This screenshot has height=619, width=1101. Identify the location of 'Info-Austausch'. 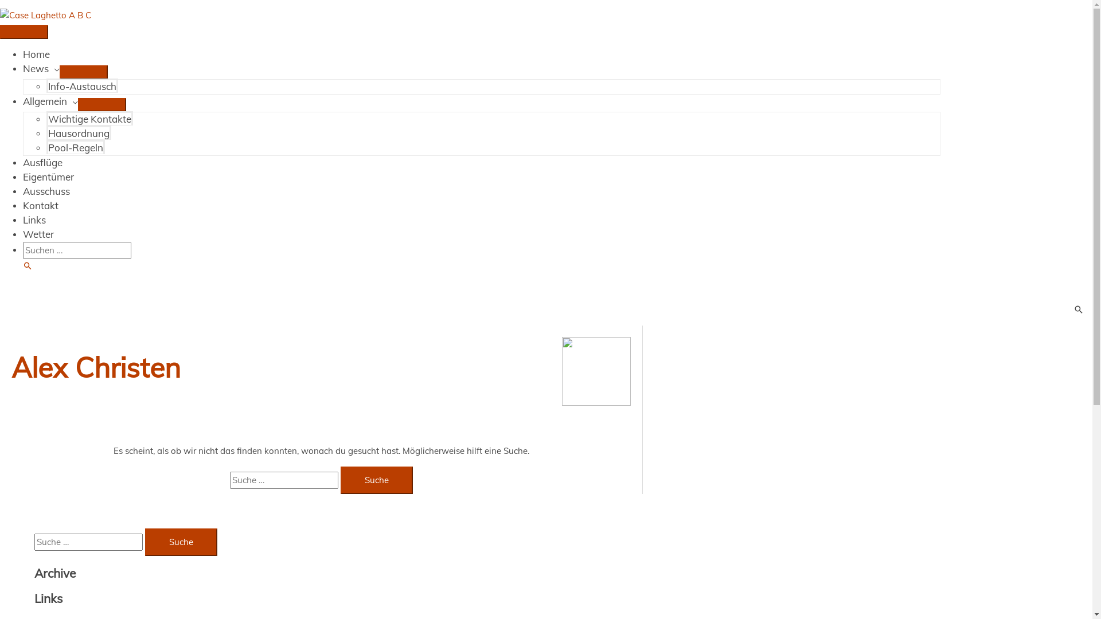
(81, 85).